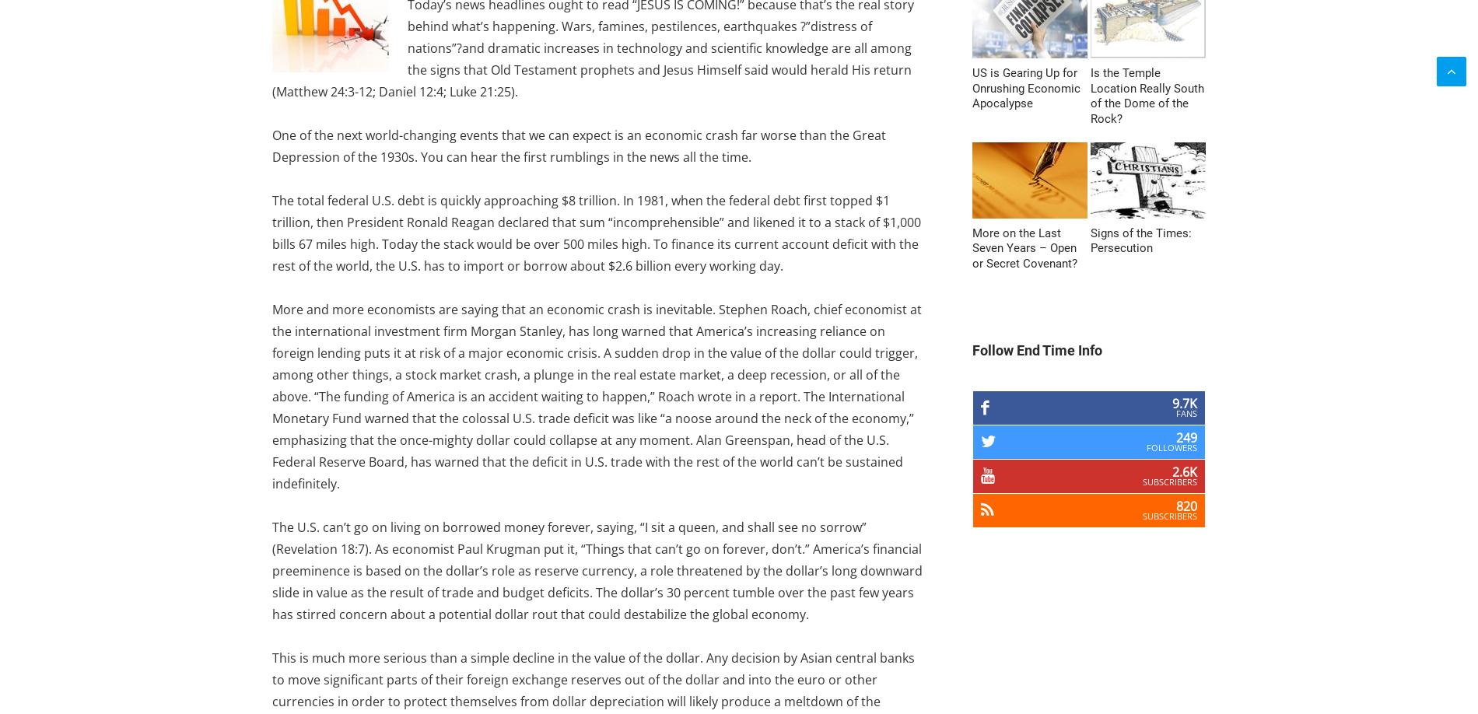 Image resolution: width=1478 pixels, height=714 pixels. I want to click on '9.7k', so click(1185, 404).